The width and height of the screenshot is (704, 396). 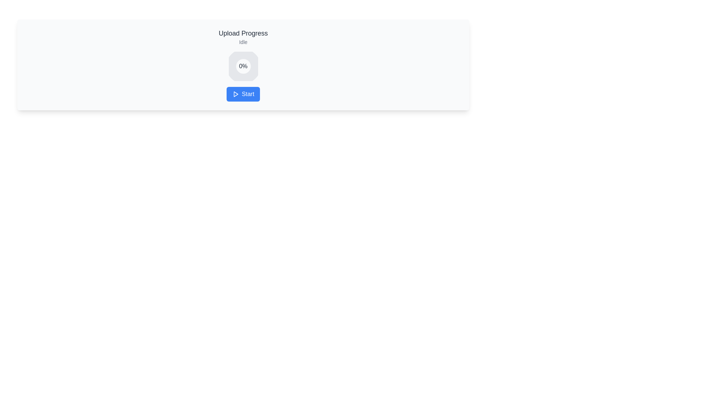 What do you see at coordinates (243, 66) in the screenshot?
I see `the Progress Indicator which shows the current operation progress at 0%, located below the 'Idle' text and above the 'Start' button` at bounding box center [243, 66].